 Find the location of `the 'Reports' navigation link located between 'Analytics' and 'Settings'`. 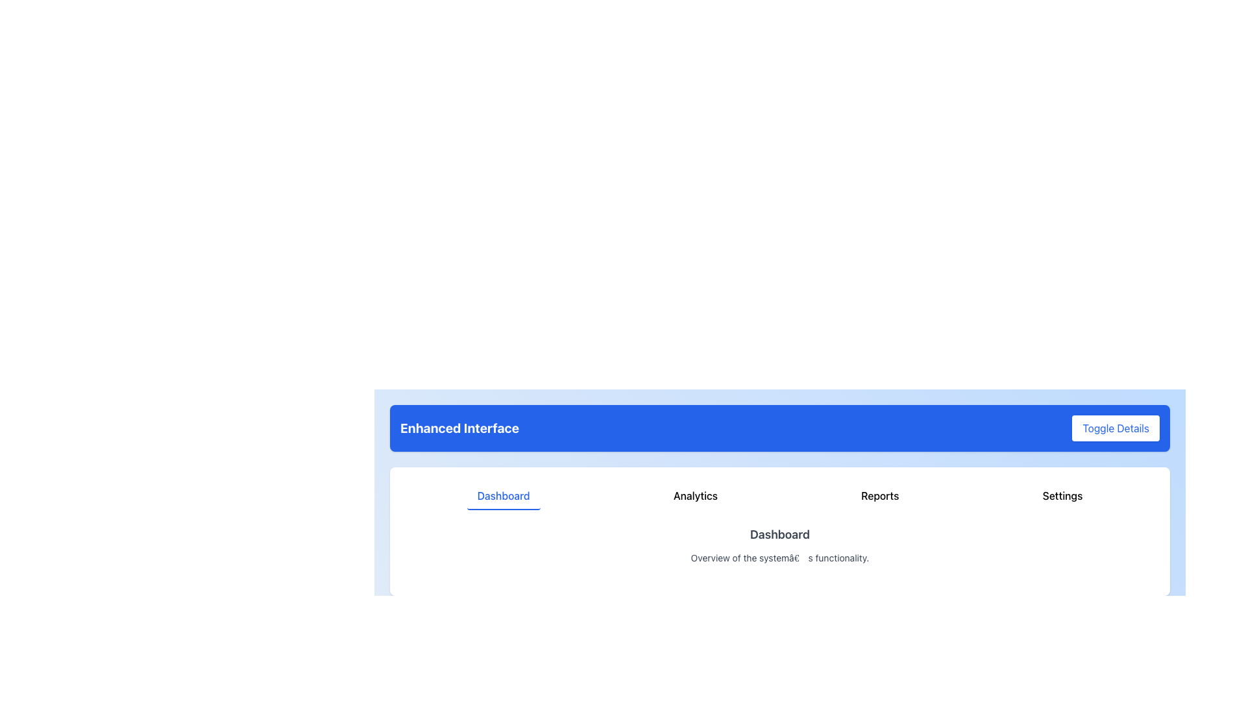

the 'Reports' navigation link located between 'Analytics' and 'Settings' is located at coordinates (880, 496).